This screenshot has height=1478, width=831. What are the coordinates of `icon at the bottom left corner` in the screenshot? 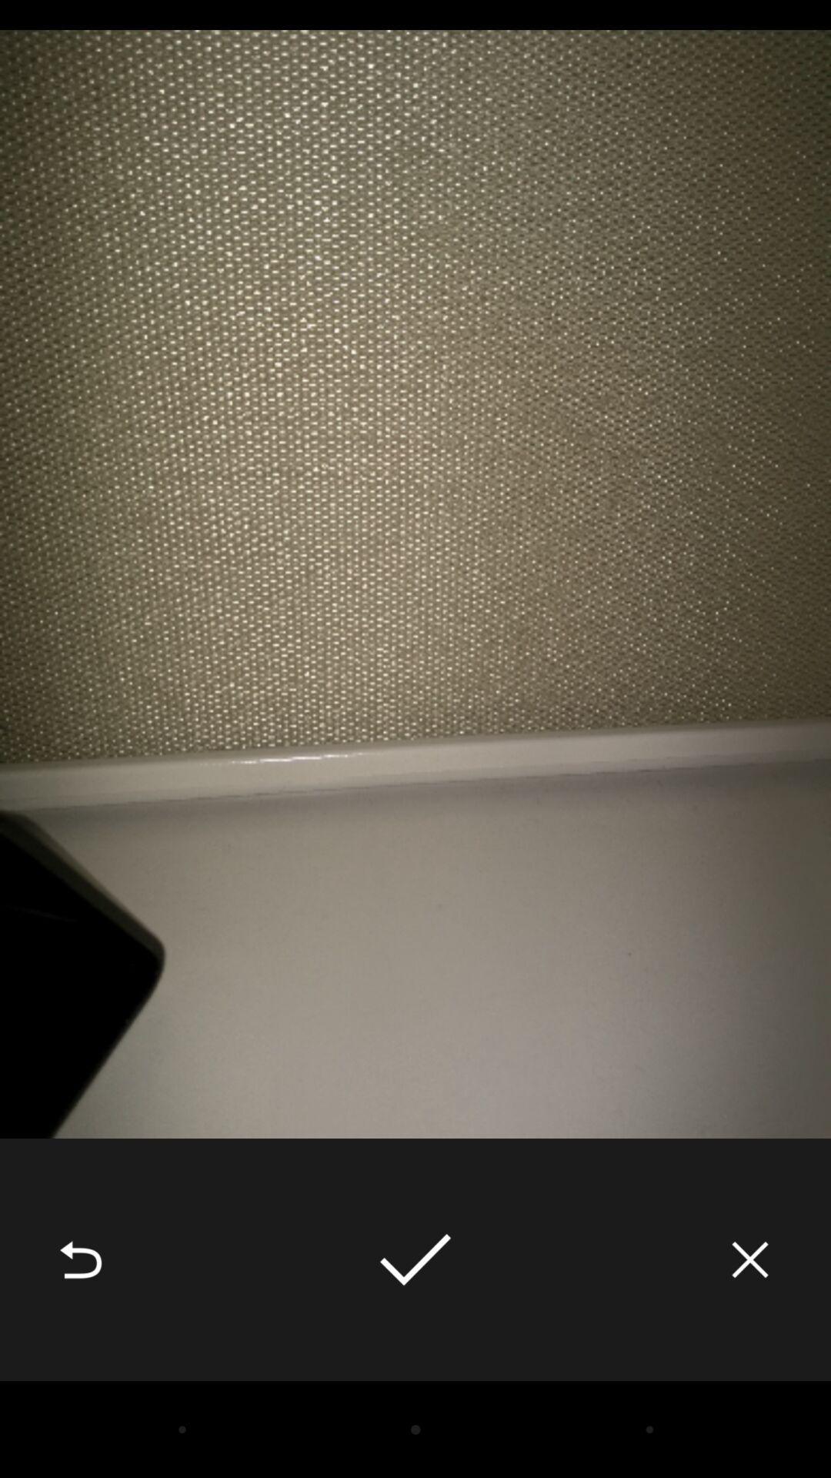 It's located at (80, 1259).